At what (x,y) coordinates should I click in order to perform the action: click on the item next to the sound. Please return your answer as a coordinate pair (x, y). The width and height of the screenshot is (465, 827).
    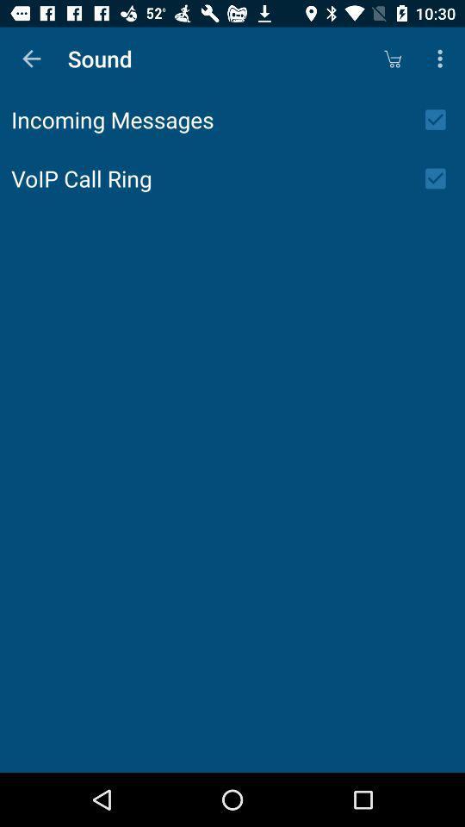
    Looking at the image, I should click on (31, 59).